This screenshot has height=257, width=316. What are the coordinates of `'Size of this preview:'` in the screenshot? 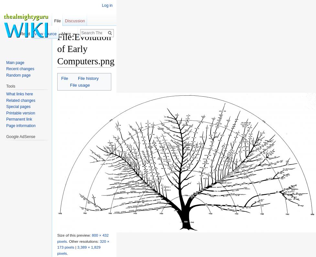 It's located at (74, 234).